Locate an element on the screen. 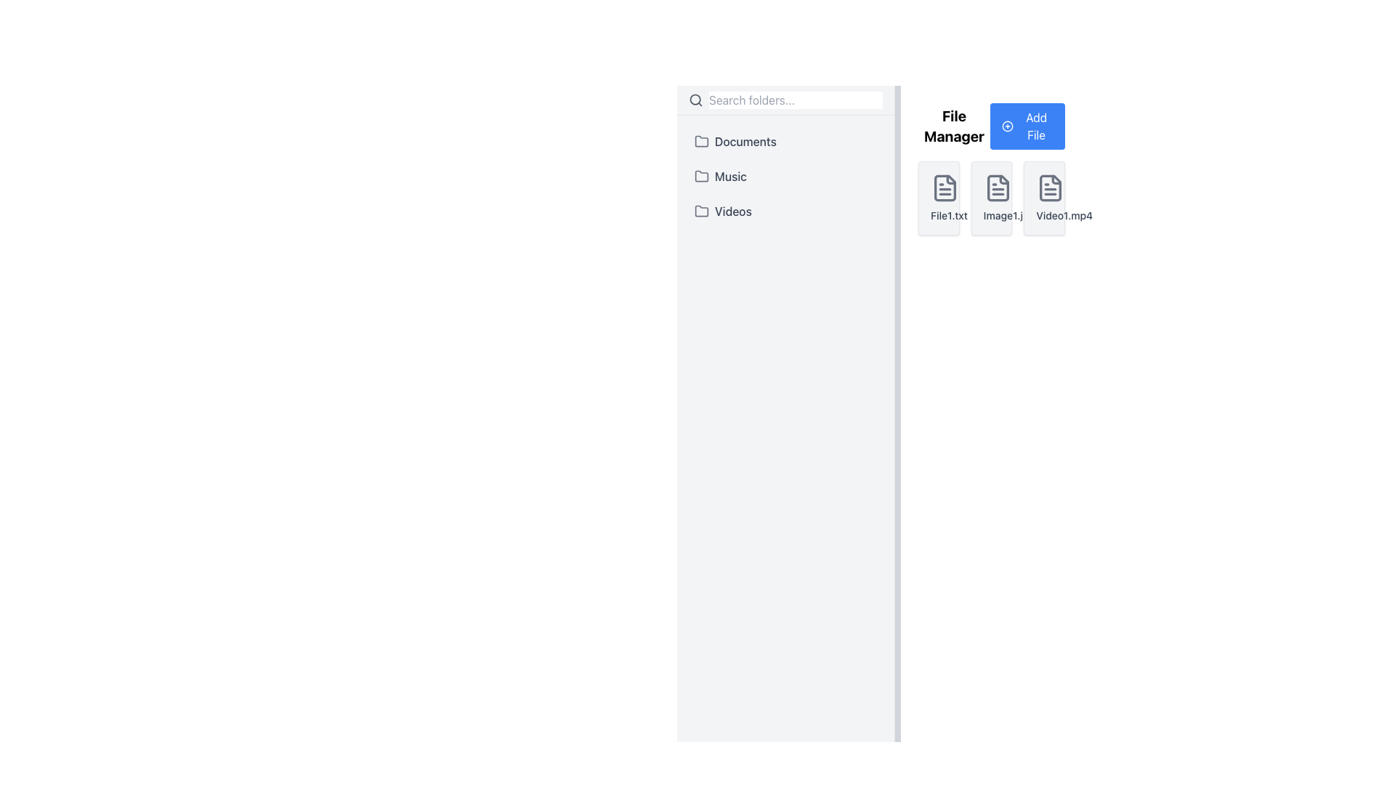  the text label displaying 'File1.txt', which is styled in gray with a small font size and located centrally below a document icon is located at coordinates (939, 216).